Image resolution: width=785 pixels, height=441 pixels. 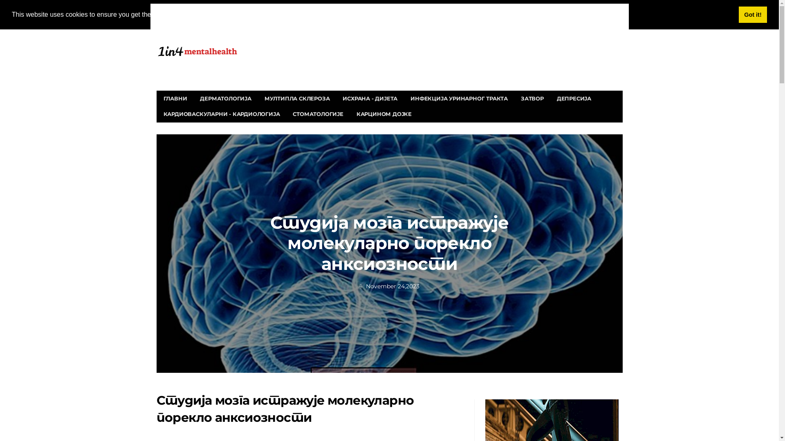 What do you see at coordinates (738, 14) in the screenshot?
I see `'Got it!'` at bounding box center [738, 14].